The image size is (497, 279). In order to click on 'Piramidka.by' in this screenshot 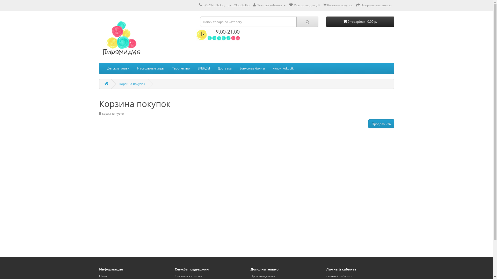, I will do `click(120, 38)`.